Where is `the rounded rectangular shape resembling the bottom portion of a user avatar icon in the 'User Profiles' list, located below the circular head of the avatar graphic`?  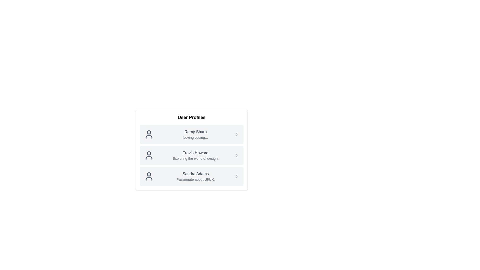
the rounded rectangular shape resembling the bottom portion of a user avatar icon in the 'User Profiles' list, located below the circular head of the avatar graphic is located at coordinates (148, 179).